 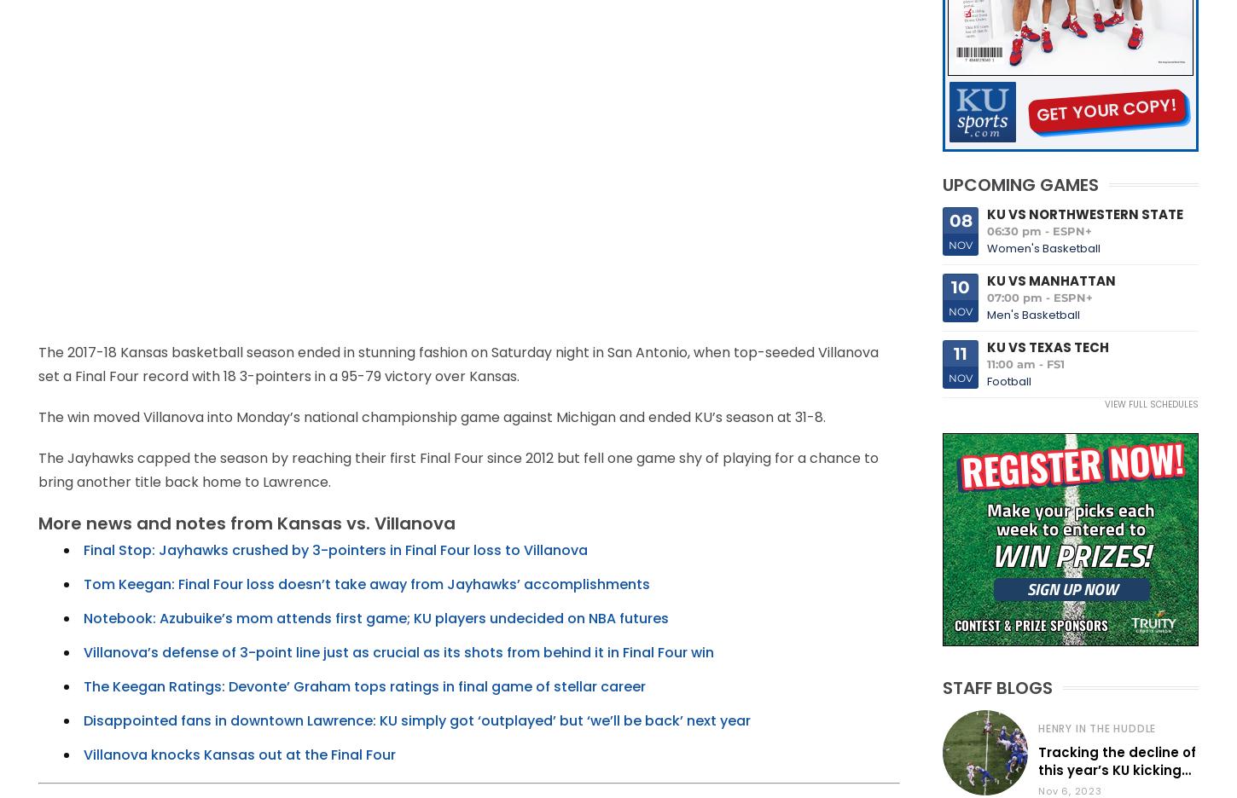 I want to click on 'Notebook: Azubuike’s mom attends first game; KU players undecided on NBA futures', so click(x=375, y=617).